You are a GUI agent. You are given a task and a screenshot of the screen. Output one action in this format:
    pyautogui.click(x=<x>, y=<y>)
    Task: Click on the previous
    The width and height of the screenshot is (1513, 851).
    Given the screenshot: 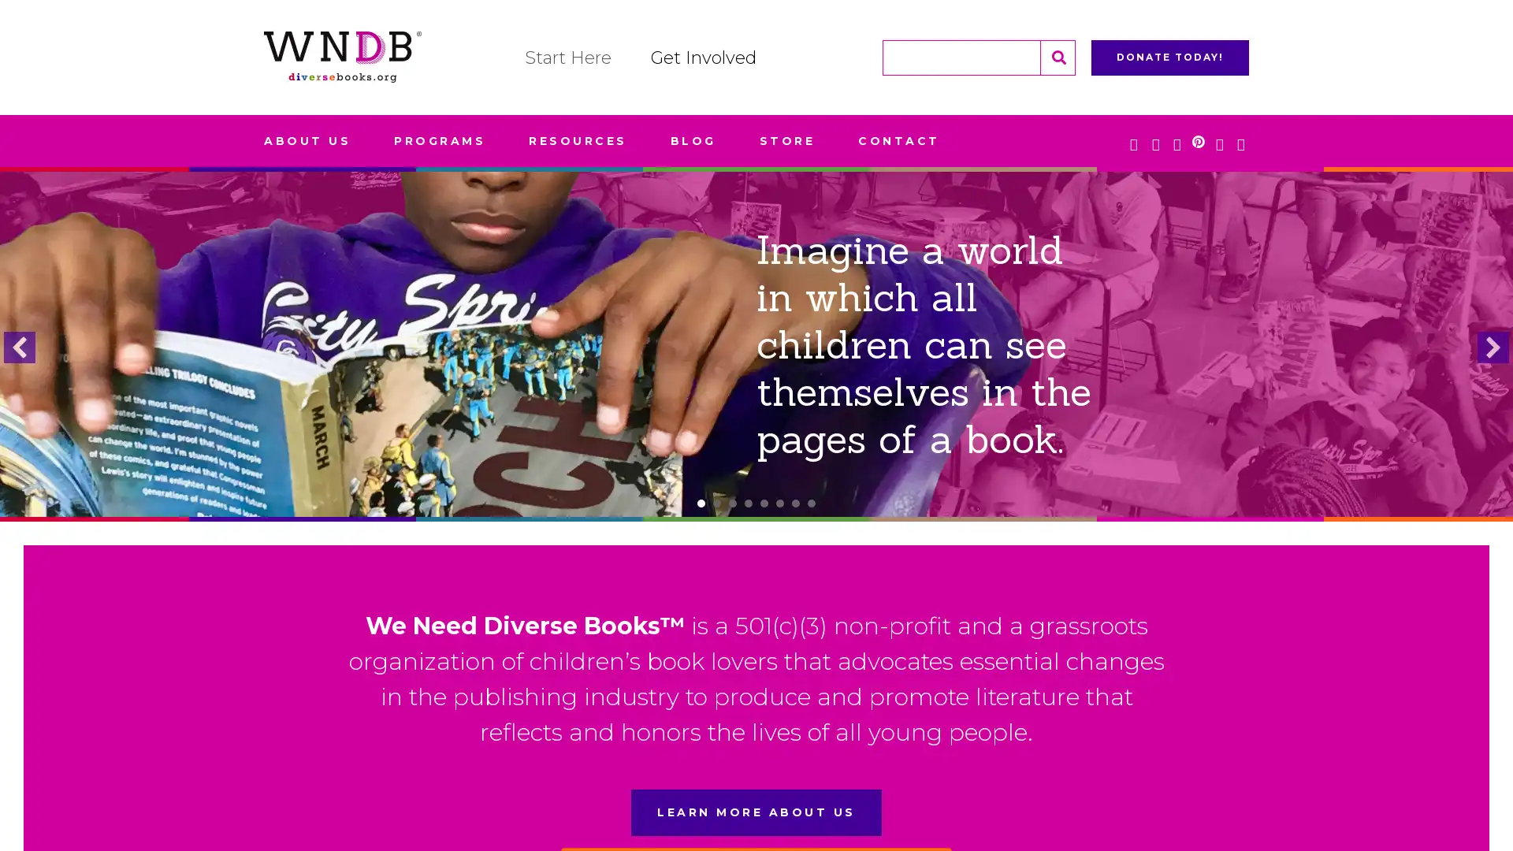 What is the action you would take?
    pyautogui.click(x=19, y=346)
    